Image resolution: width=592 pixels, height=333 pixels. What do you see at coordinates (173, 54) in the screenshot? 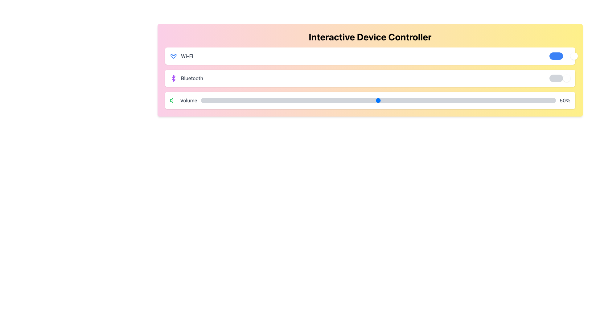
I see `the second arc of the blue Wi-Fi symbol located in the upper left part of the card containing the Wi-Fi, Bluetooth, and Volume settings` at bounding box center [173, 54].